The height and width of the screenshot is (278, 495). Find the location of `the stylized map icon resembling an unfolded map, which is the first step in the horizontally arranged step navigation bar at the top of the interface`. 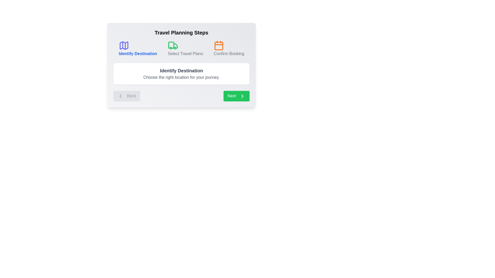

the stylized map icon resembling an unfolded map, which is the first step in the horizontally arranged step navigation bar at the top of the interface is located at coordinates (124, 45).